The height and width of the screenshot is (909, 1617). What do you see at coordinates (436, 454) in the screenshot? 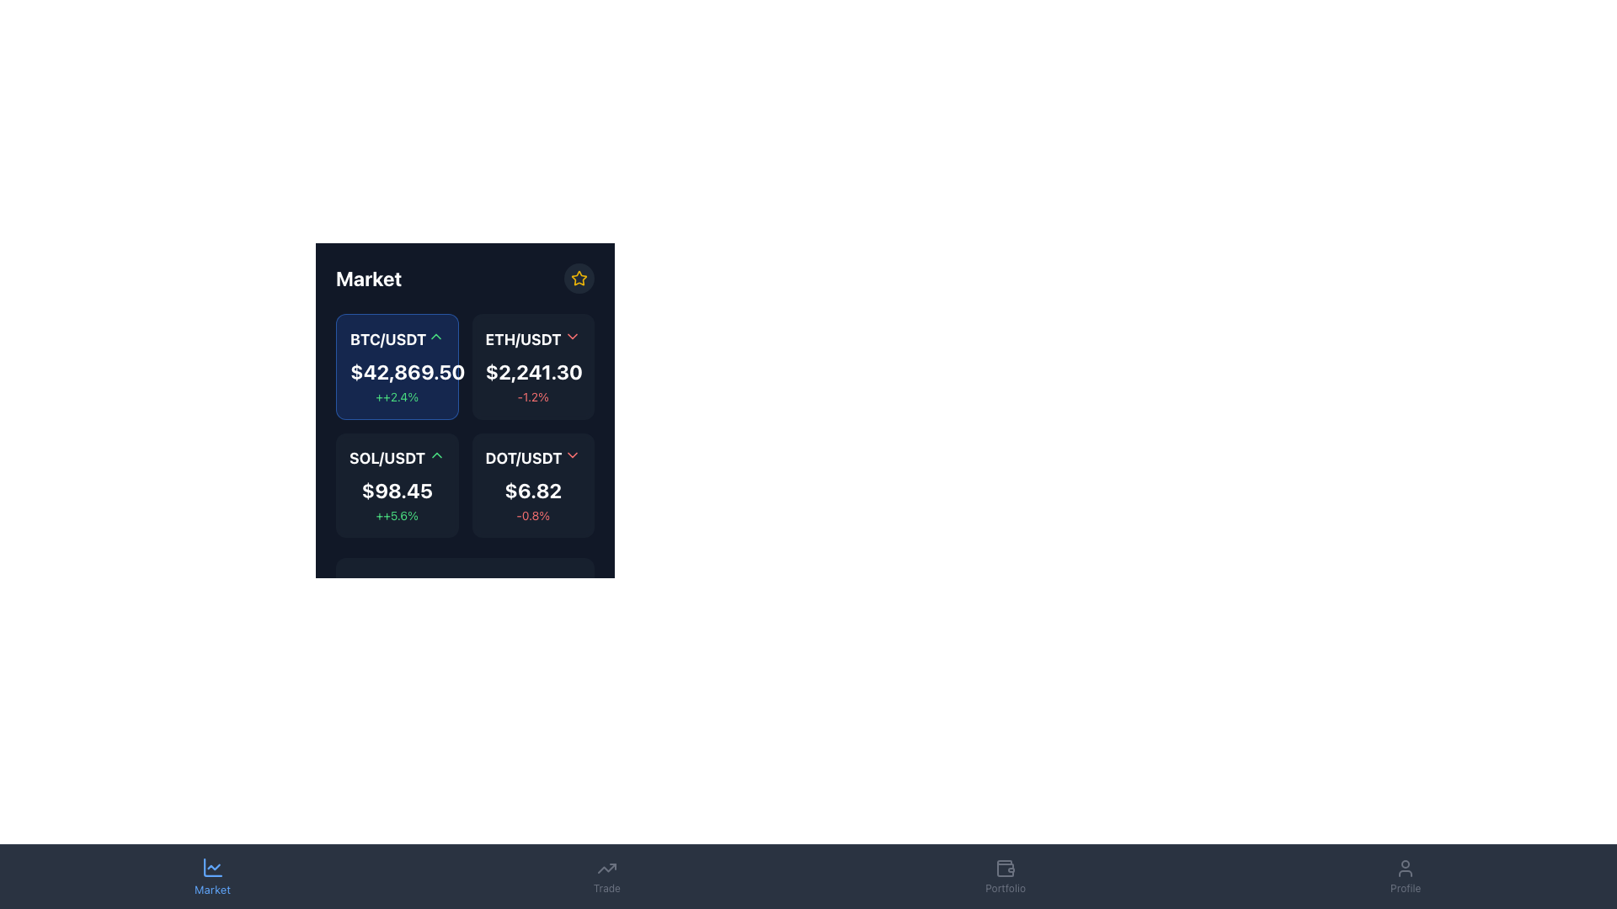
I see `the upward arrow icon located to the right of the 'SOL/USDT' label in the cryptocurrency information card` at bounding box center [436, 454].